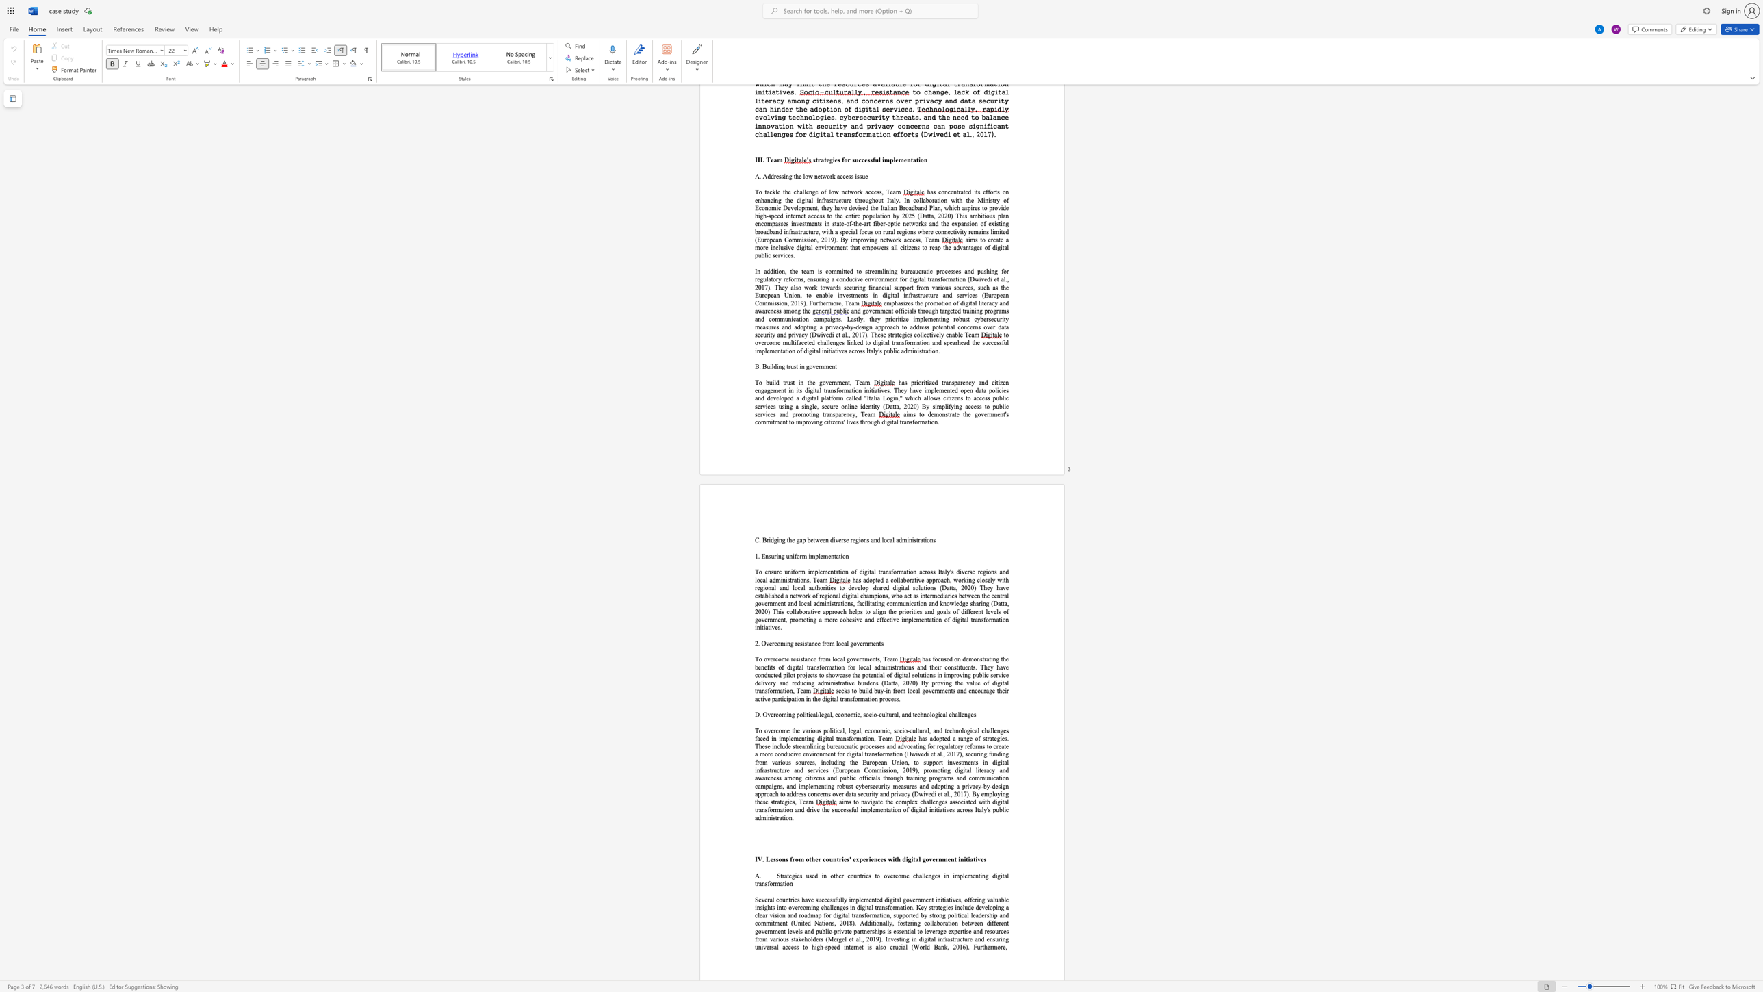 This screenshot has width=1763, height=992. I want to click on the subset text "ansformation across Ita" within the text "To ensure uniform implementation of digital transformation across Italy", so click(882, 572).